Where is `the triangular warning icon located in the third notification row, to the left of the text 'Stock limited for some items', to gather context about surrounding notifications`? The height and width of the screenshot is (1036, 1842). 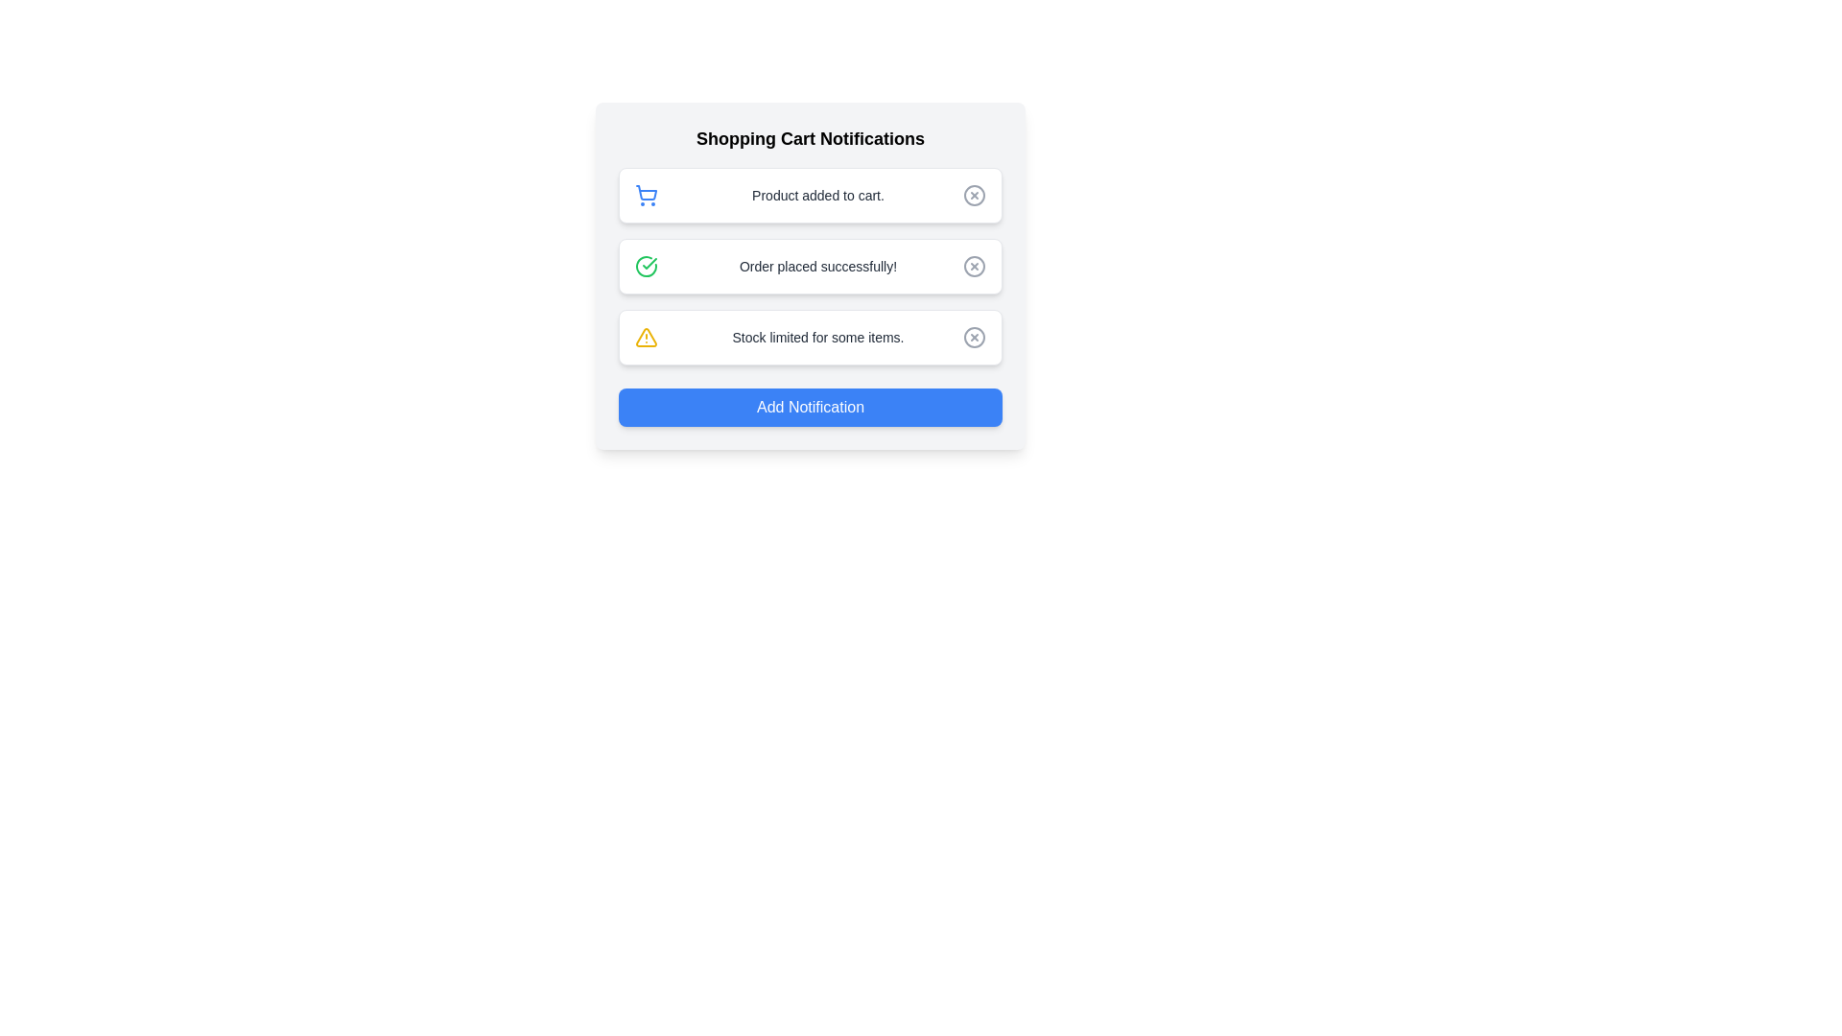
the triangular warning icon located in the third notification row, to the left of the text 'Stock limited for some items', to gather context about surrounding notifications is located at coordinates (646, 336).